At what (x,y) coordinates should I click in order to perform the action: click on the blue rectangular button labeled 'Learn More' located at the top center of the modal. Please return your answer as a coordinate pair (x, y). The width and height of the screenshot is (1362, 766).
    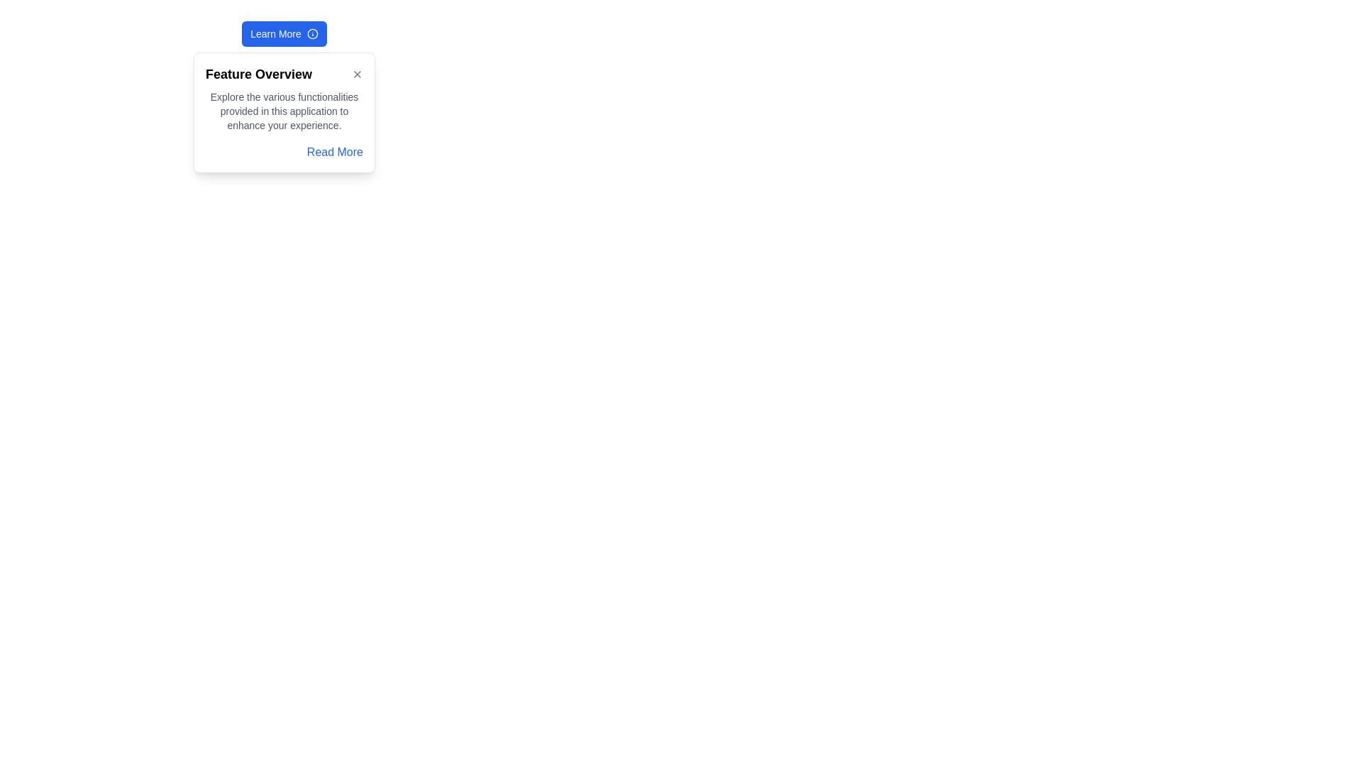
    Looking at the image, I should click on (284, 33).